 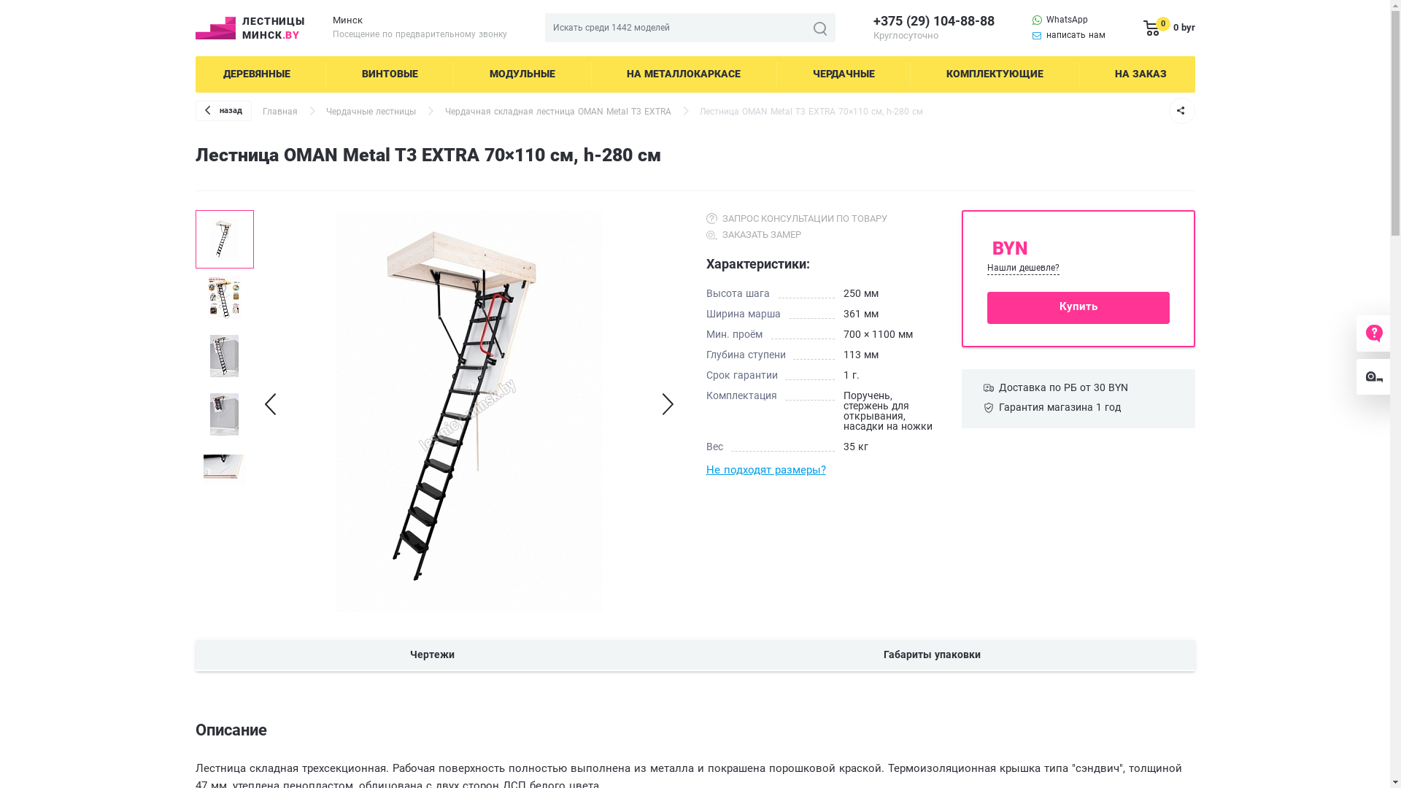 What do you see at coordinates (1169, 28) in the screenshot?
I see `'0` at bounding box center [1169, 28].